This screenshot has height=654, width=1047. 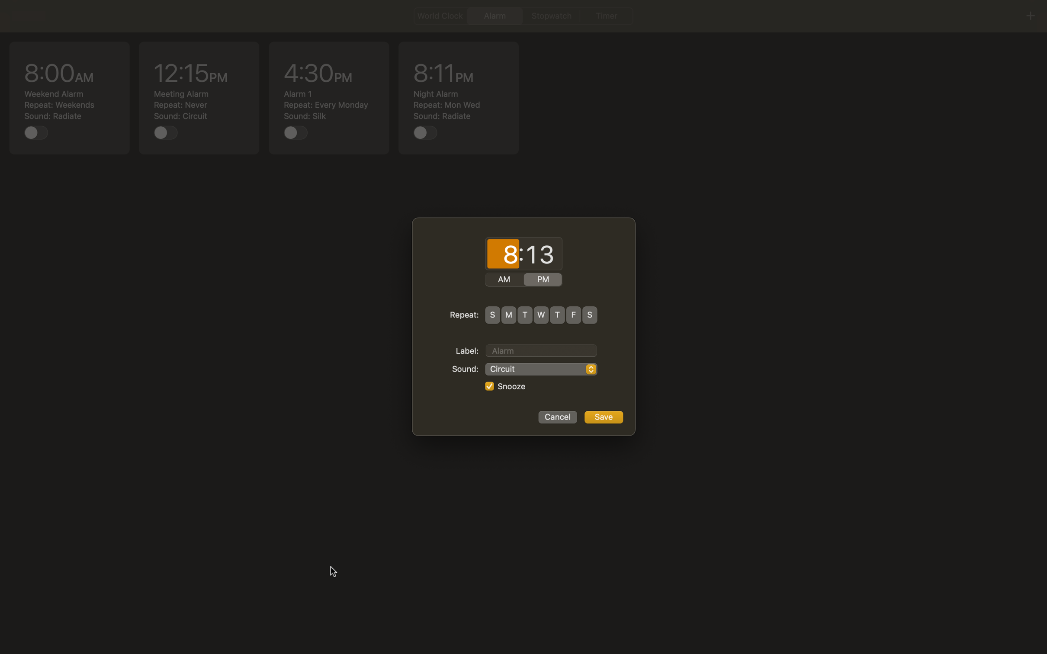 I want to click on Confirm alarm setup, so click(x=603, y=417).